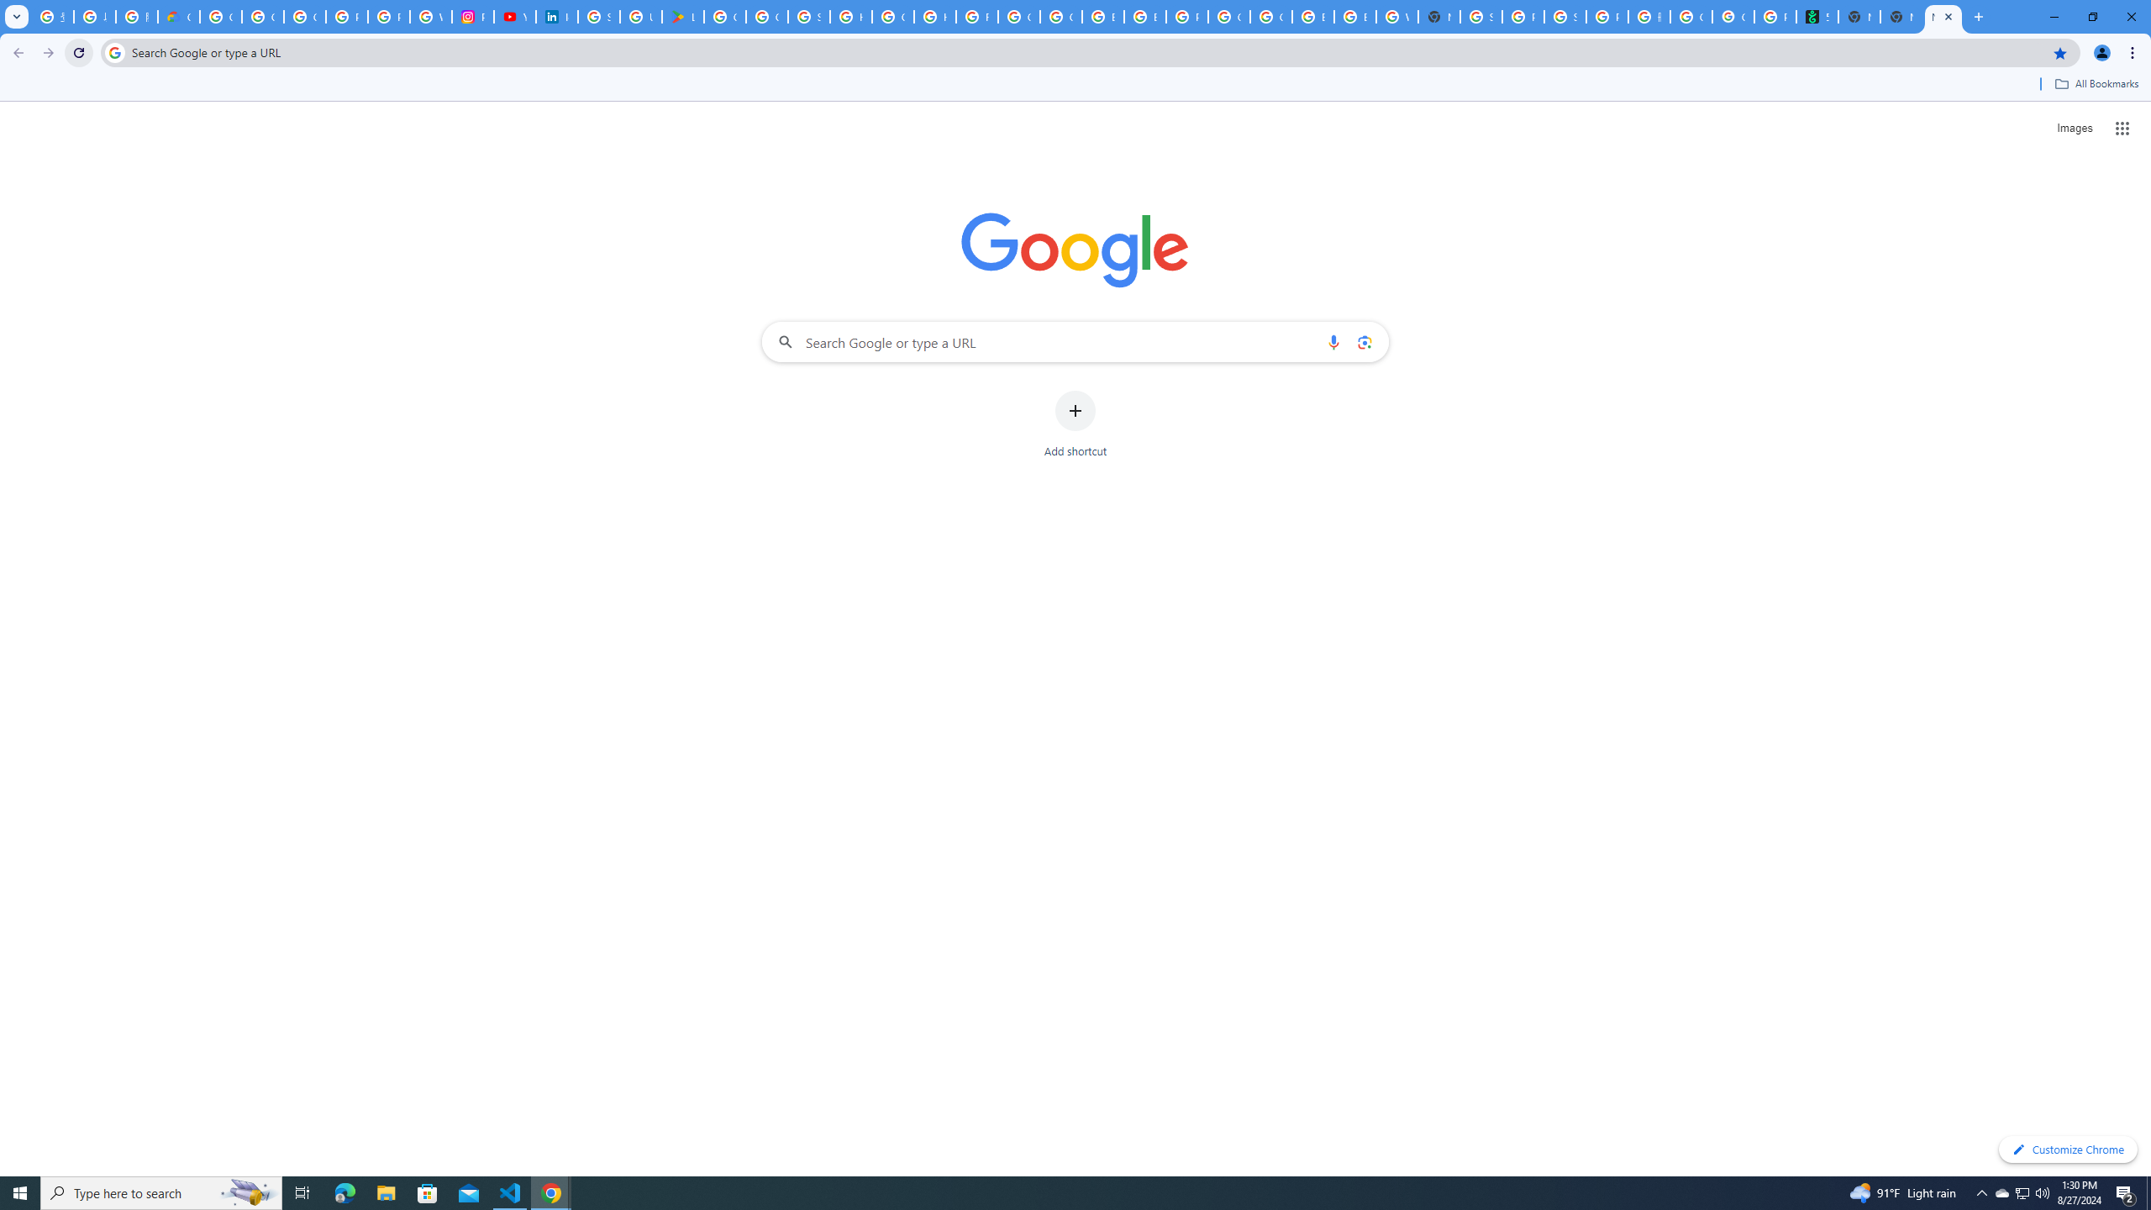 The height and width of the screenshot is (1210, 2151). Describe the element at coordinates (2075, 129) in the screenshot. I see `'Search for Images '` at that location.